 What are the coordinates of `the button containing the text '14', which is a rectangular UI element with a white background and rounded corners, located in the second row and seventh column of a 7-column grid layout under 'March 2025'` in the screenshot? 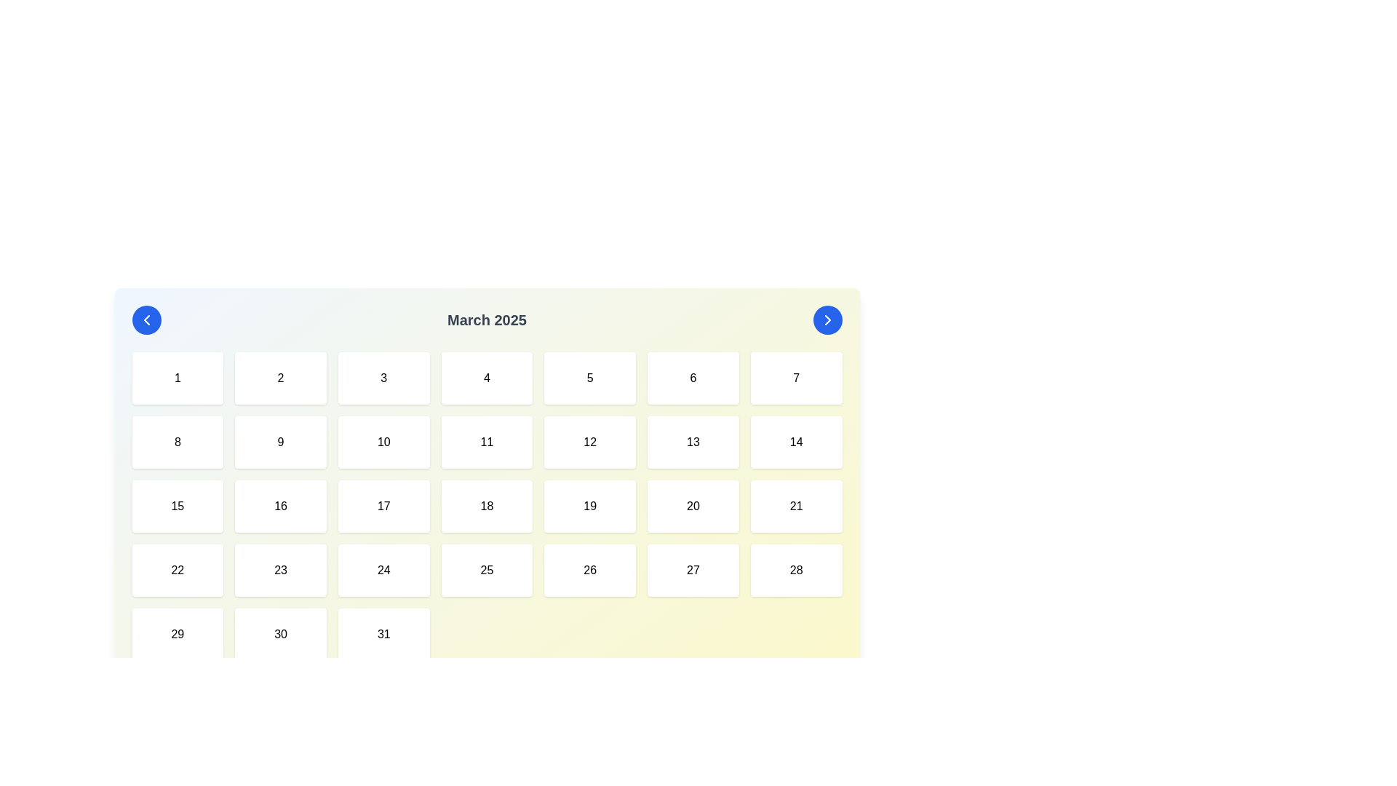 It's located at (795, 442).